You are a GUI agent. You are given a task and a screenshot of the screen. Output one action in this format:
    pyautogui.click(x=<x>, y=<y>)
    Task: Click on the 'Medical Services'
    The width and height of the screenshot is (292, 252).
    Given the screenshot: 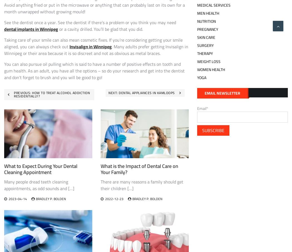 What is the action you would take?
    pyautogui.click(x=213, y=5)
    